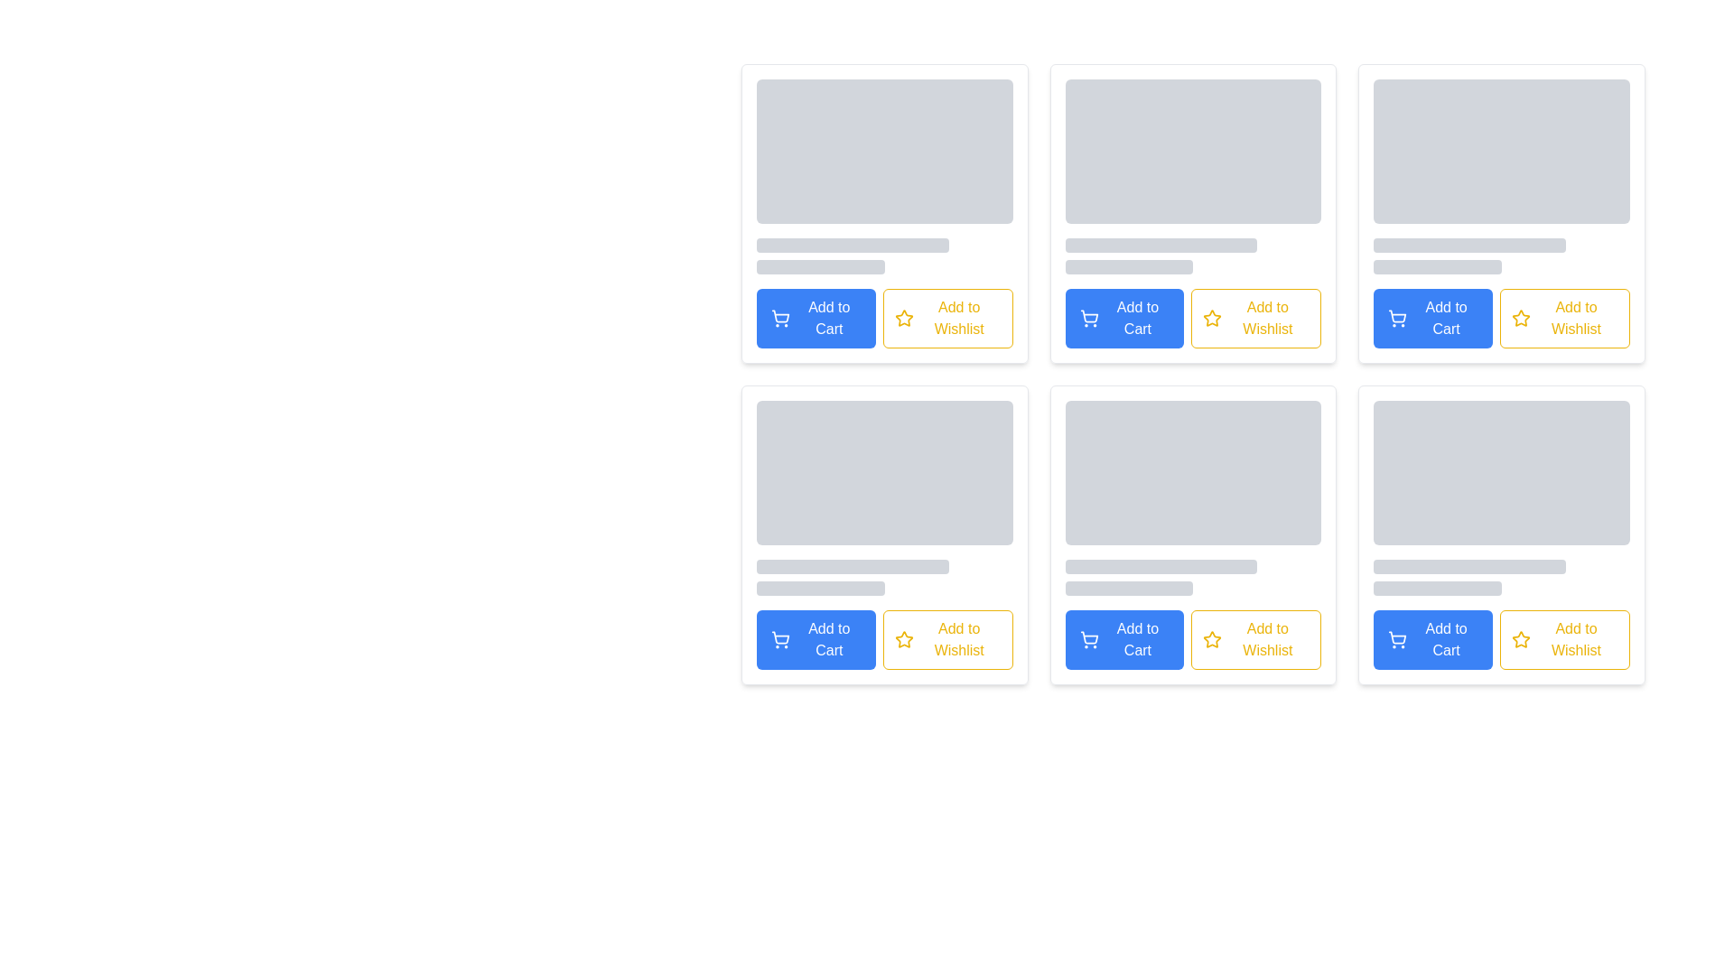 Image resolution: width=1734 pixels, height=975 pixels. I want to click on the product card located in the top-right corner of the grid, which is the last card in the first row of a 3-column layout, so click(1502, 212).